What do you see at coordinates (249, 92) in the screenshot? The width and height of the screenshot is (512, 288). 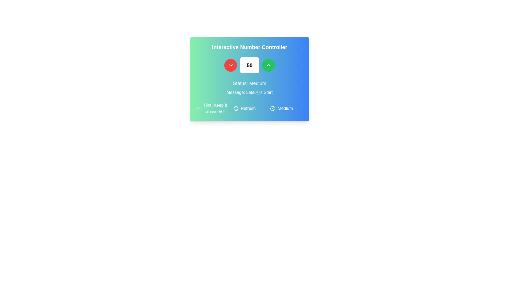 I see `the static text displaying 'Message: Let’s Start'` at bounding box center [249, 92].